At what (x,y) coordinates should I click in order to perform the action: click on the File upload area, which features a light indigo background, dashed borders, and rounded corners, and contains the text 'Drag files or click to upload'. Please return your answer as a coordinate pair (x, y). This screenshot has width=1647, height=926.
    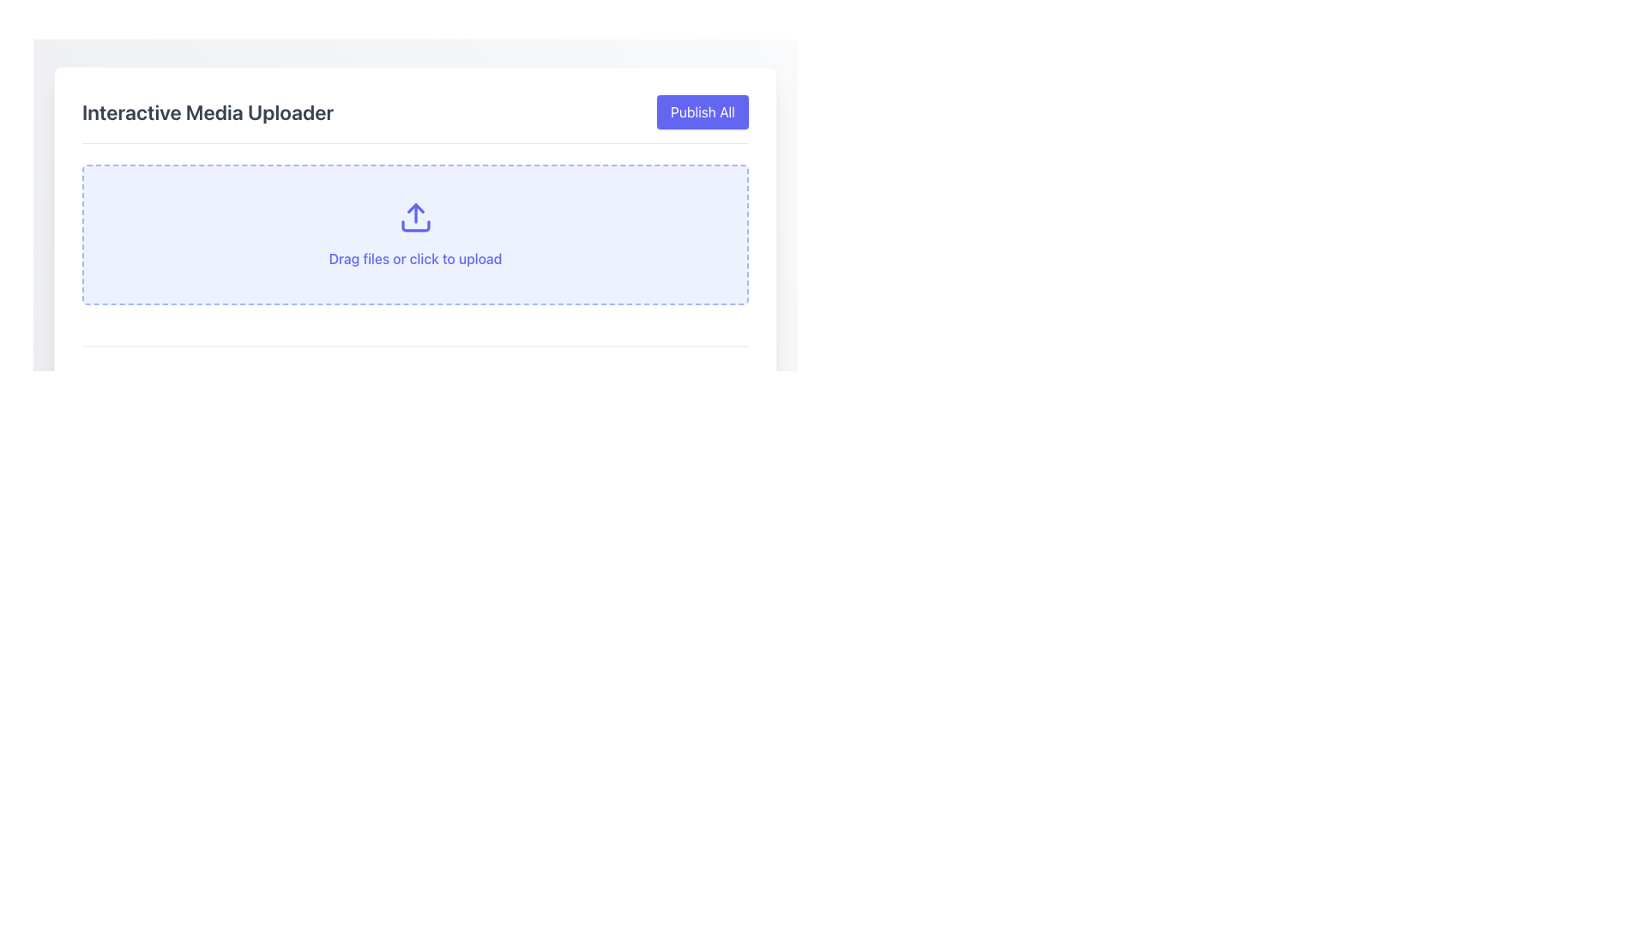
    Looking at the image, I should click on (415, 234).